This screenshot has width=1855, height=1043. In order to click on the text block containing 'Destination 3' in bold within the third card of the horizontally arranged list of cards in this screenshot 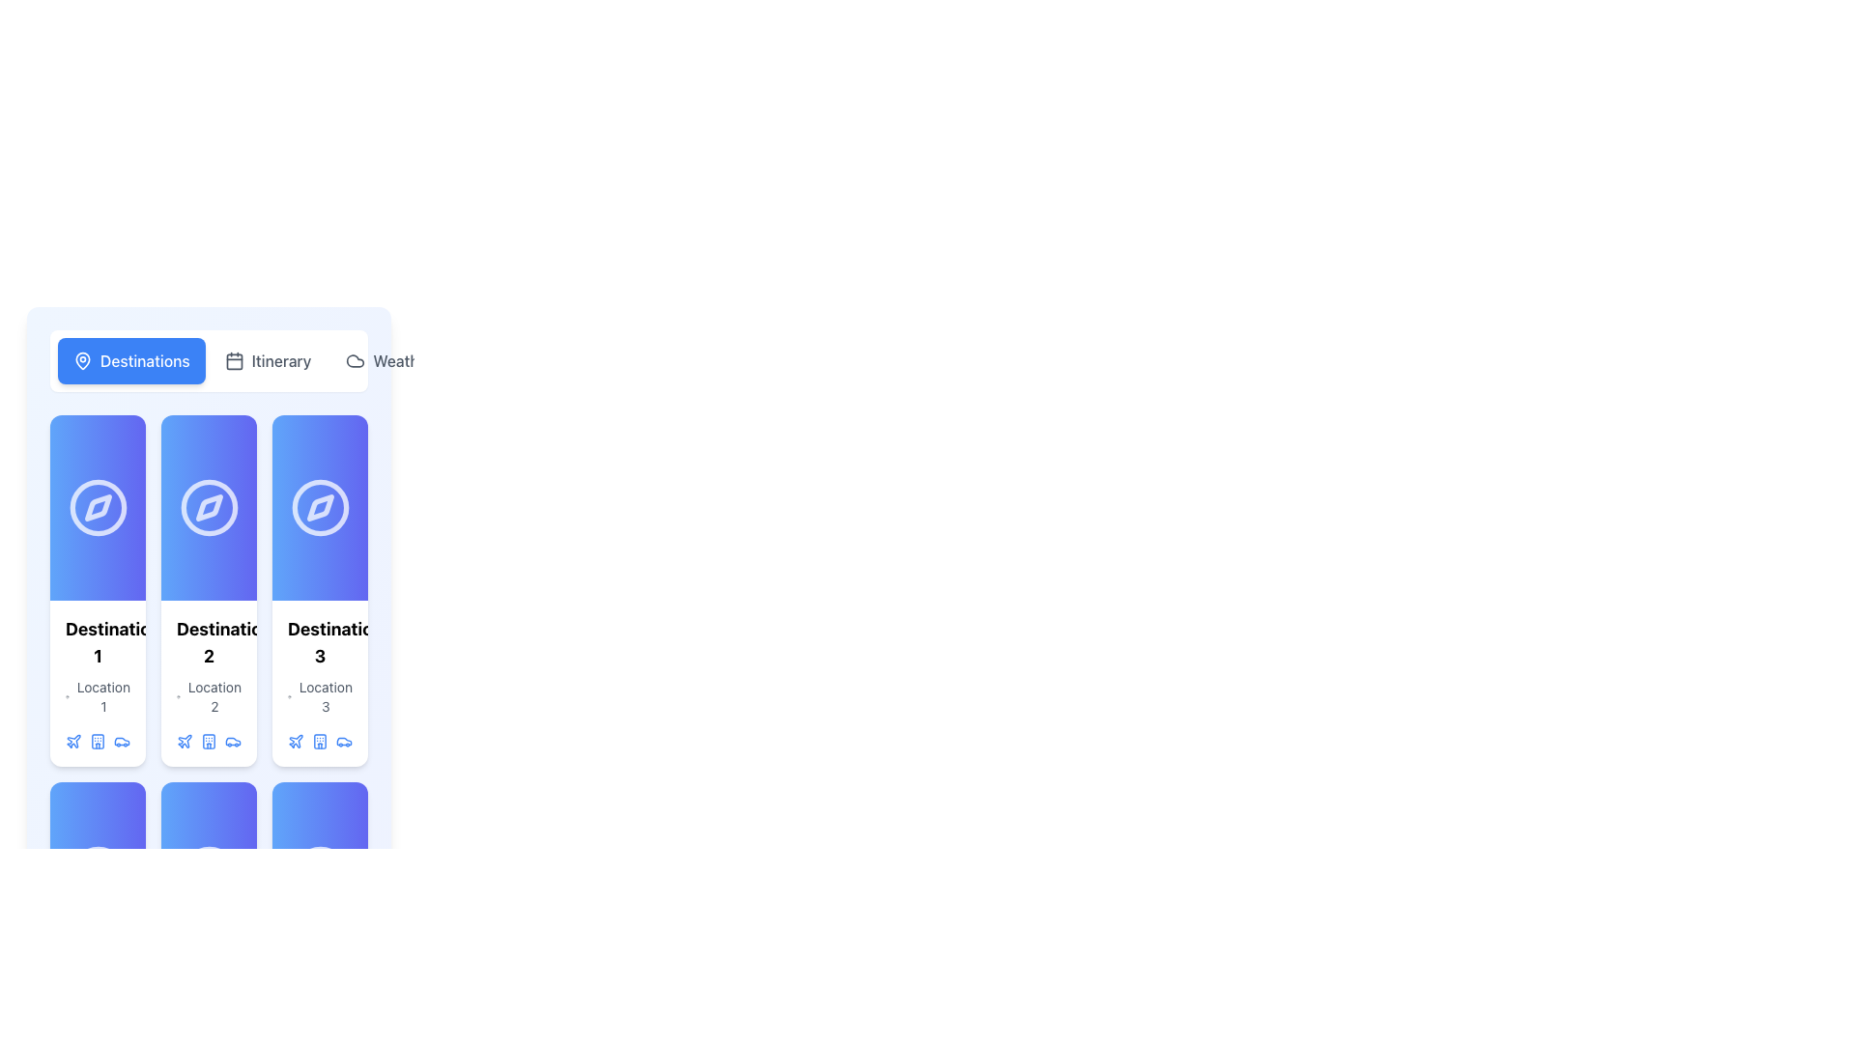, I will do `click(320, 683)`.